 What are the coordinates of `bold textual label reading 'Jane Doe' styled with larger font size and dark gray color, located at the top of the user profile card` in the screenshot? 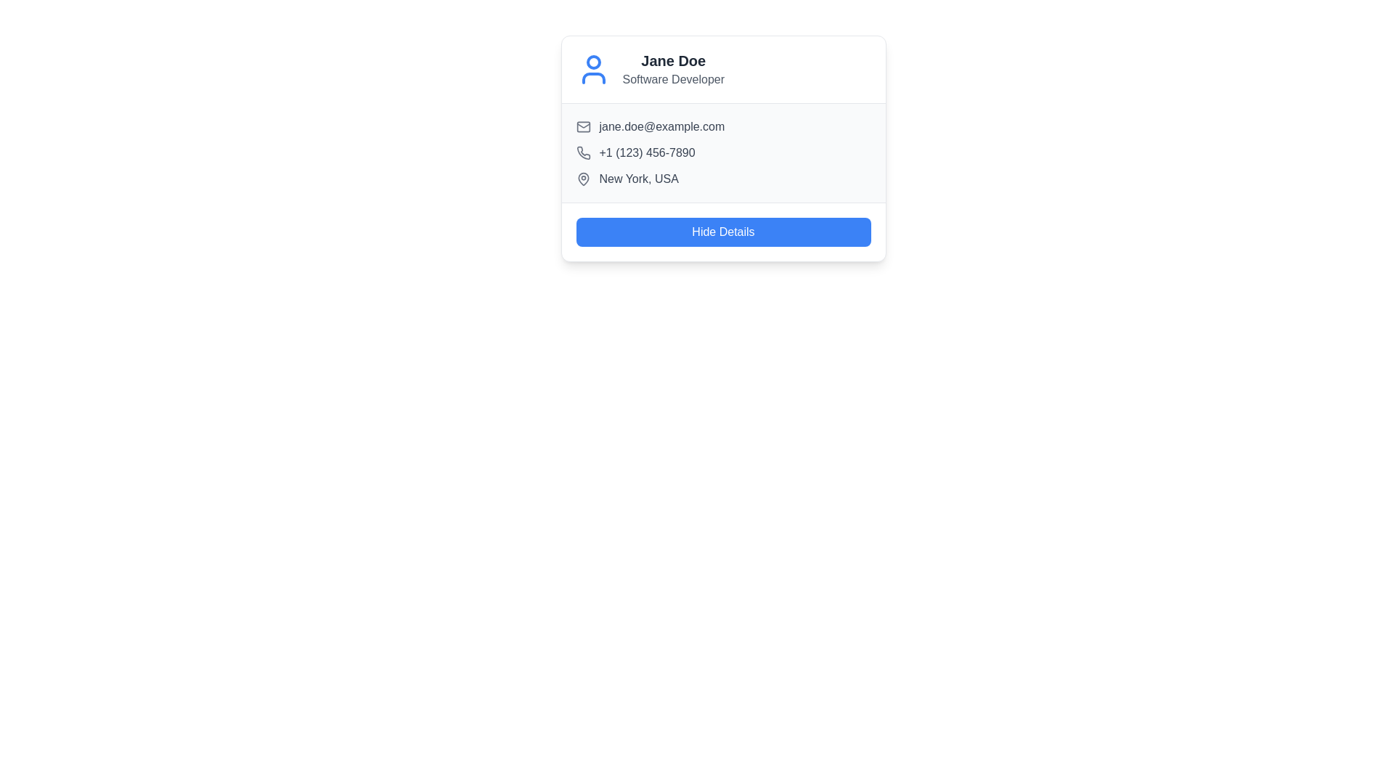 It's located at (672, 60).